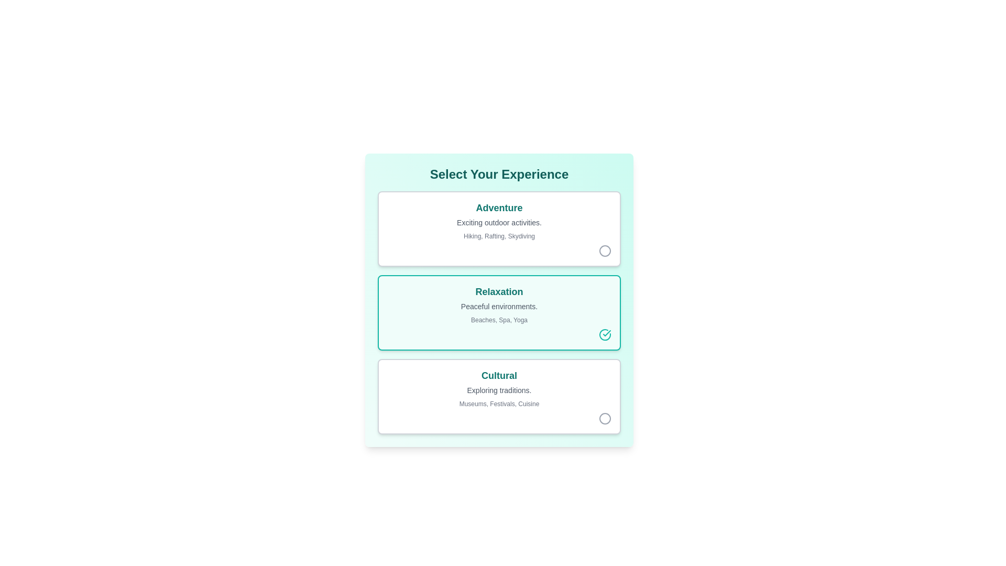  I want to click on the Static Text element that contains the words 'Exploring traditions.' which is located centrally beneath the title 'Cultural' and above the text 'Museums, Festivals, Cuisine', so click(499, 390).